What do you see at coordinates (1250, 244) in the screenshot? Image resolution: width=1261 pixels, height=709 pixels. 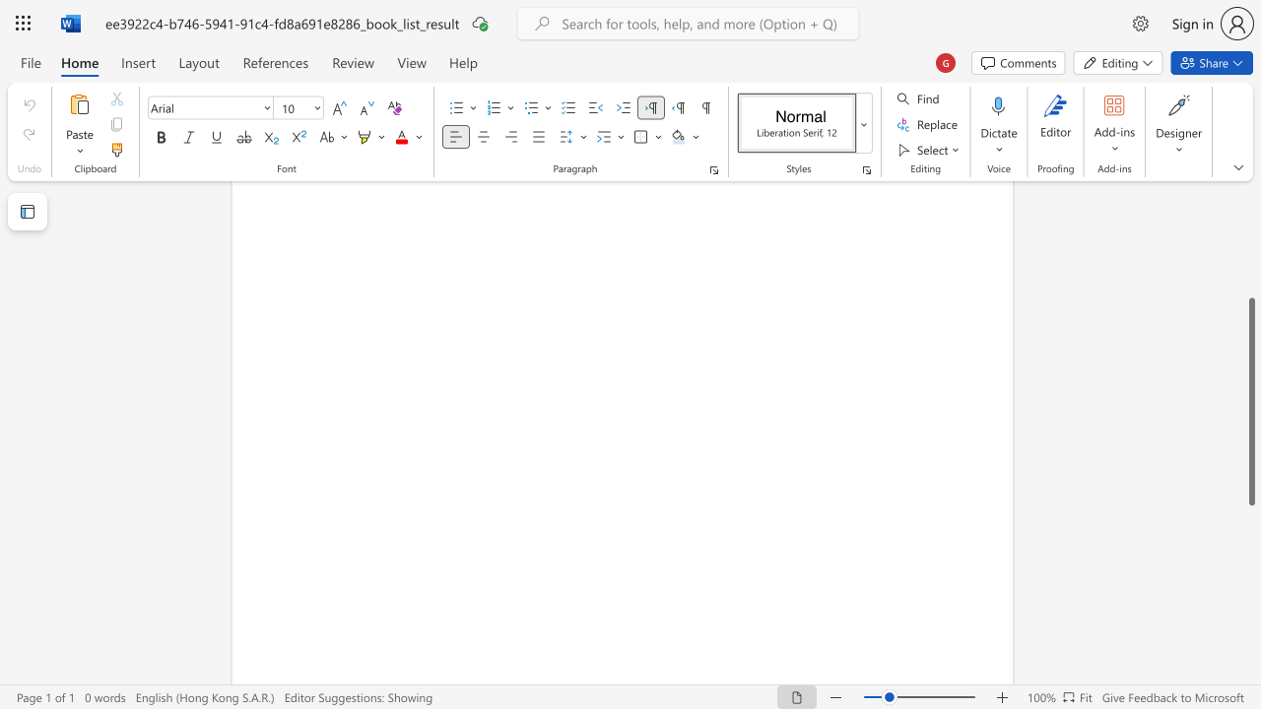 I see `the scrollbar on the side` at bounding box center [1250, 244].